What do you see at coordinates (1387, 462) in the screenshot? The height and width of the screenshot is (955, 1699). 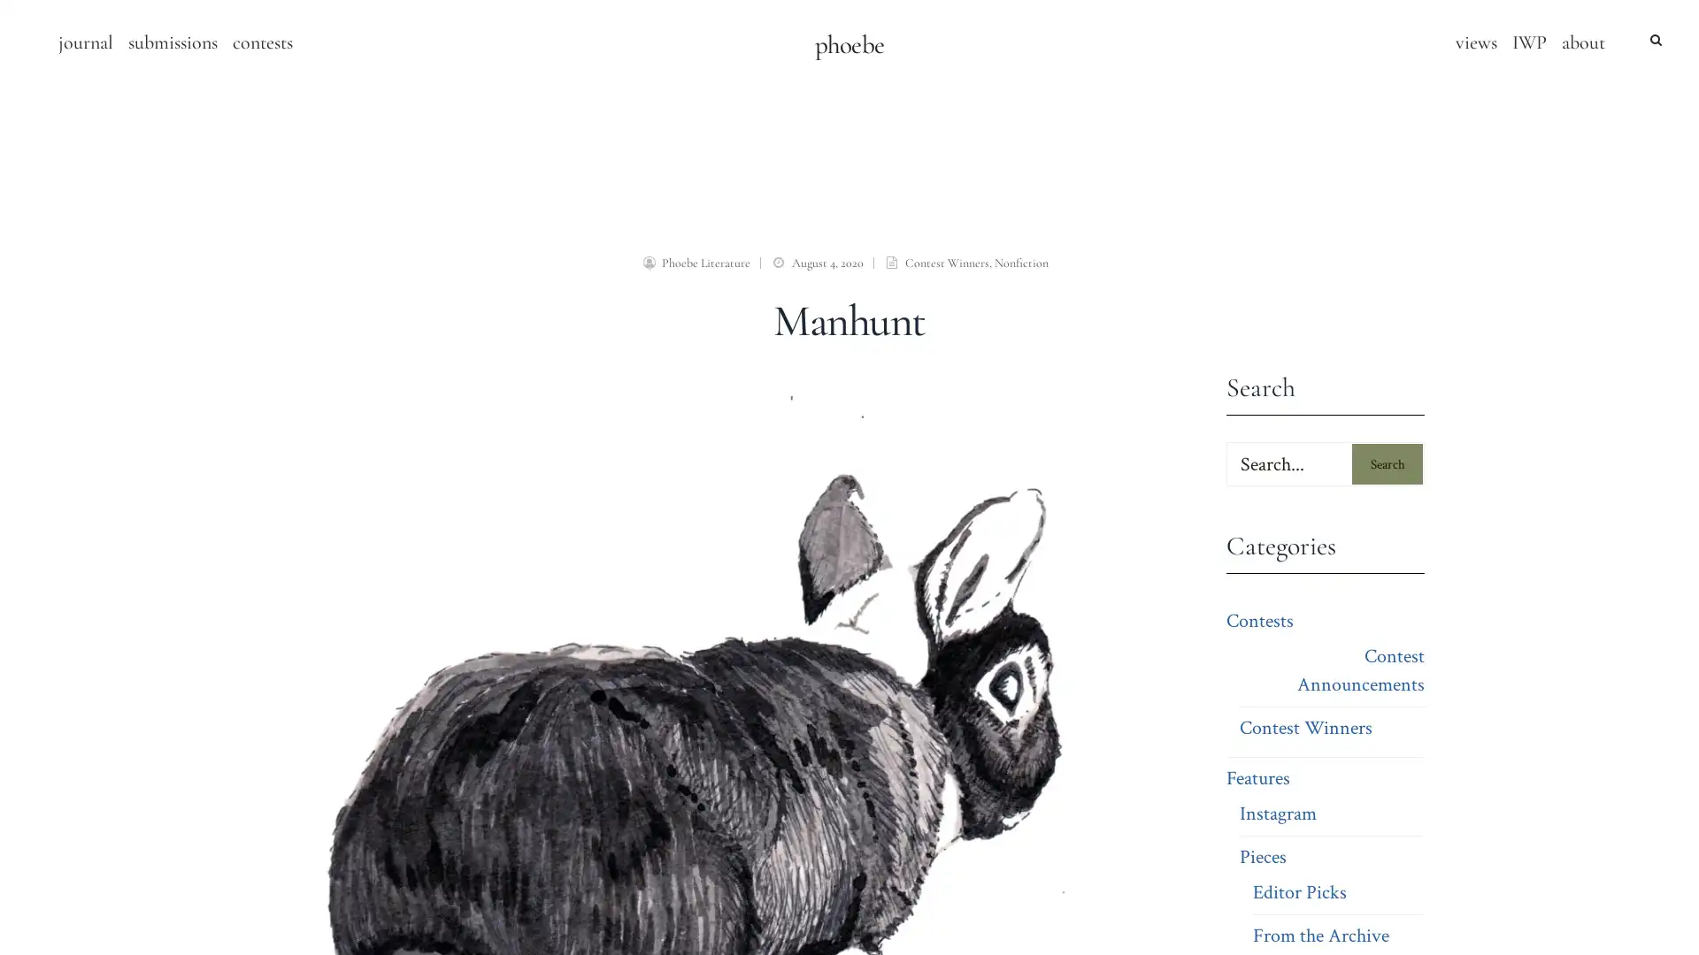 I see `Search` at bounding box center [1387, 462].